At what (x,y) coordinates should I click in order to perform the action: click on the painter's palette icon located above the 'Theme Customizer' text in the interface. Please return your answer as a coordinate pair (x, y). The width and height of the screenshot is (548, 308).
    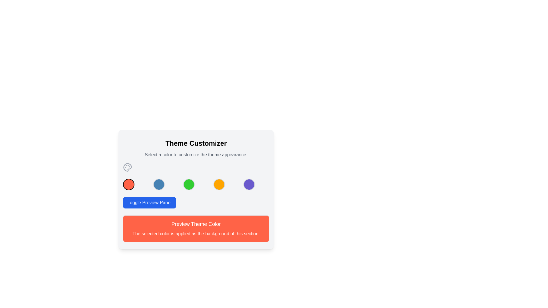
    Looking at the image, I should click on (127, 167).